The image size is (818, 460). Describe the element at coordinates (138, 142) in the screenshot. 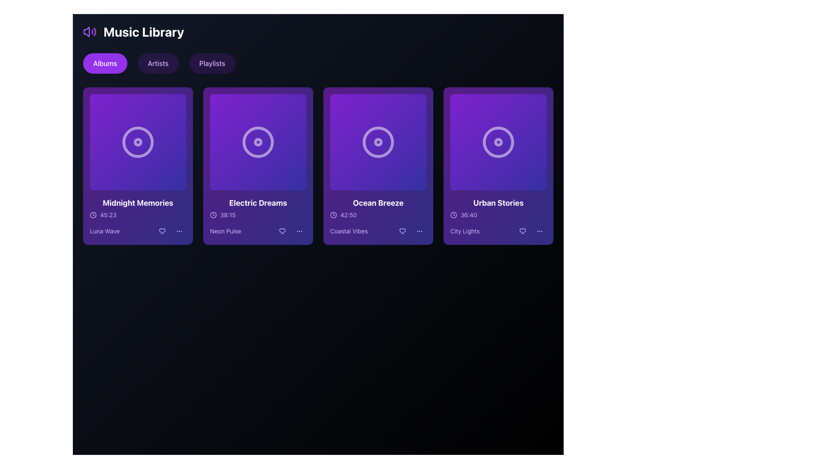

I see `the circular decorative element that represents the album icon for 'Midnight Memories', positioned centrally in the first card of the music album layout` at that location.